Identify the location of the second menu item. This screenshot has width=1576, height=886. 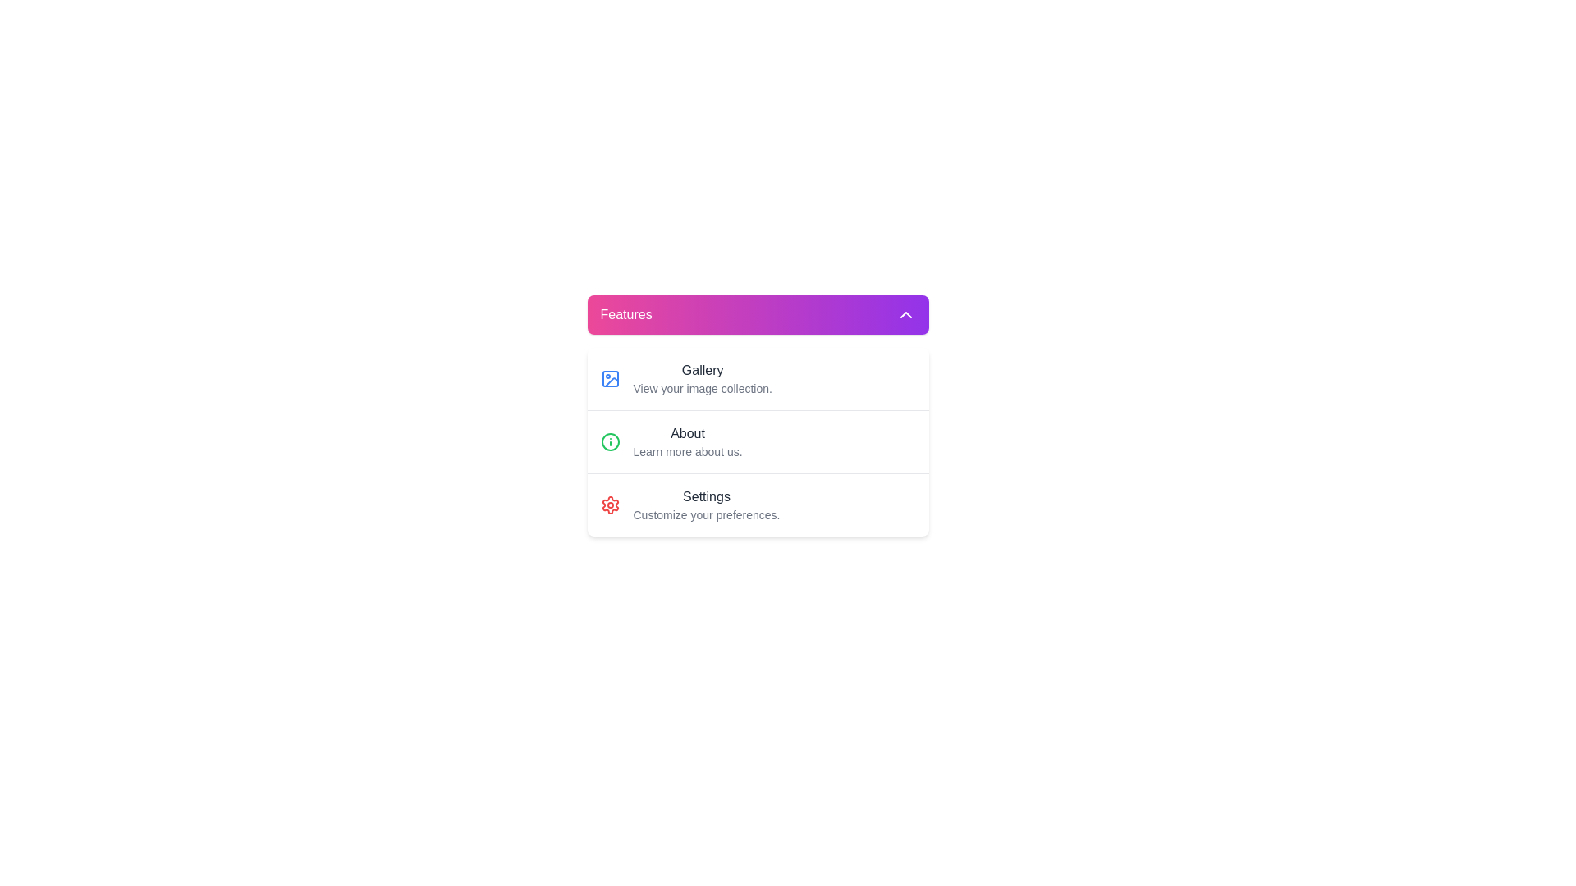
(757, 427).